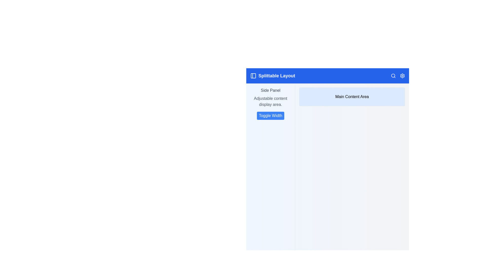  Describe the element at coordinates (393, 76) in the screenshot. I see `the search icon represented by a magnifying glass in the header section` at that location.